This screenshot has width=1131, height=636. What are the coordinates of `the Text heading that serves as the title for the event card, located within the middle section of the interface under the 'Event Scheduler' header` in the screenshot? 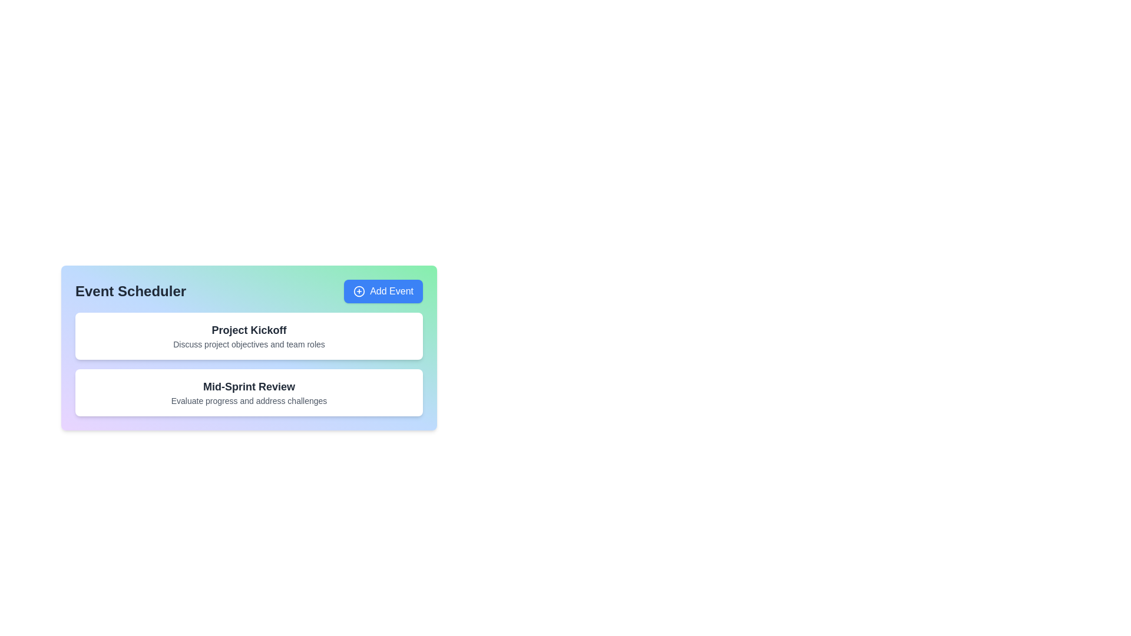 It's located at (248, 330).